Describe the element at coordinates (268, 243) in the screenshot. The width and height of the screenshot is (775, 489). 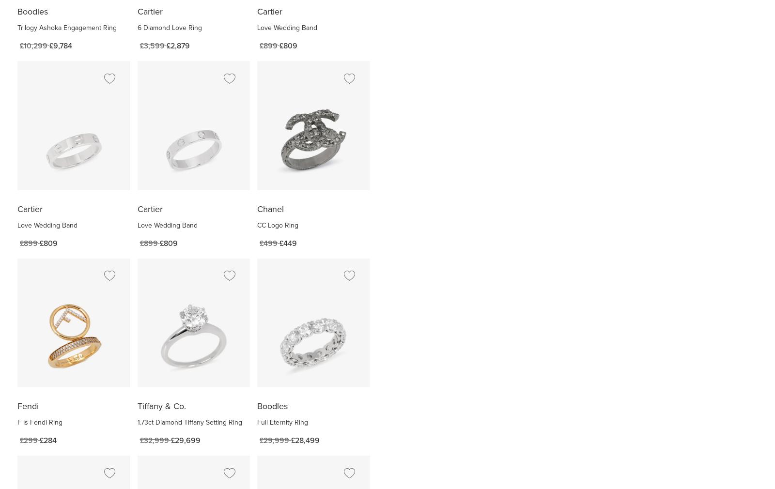
I see `'£499'` at that location.